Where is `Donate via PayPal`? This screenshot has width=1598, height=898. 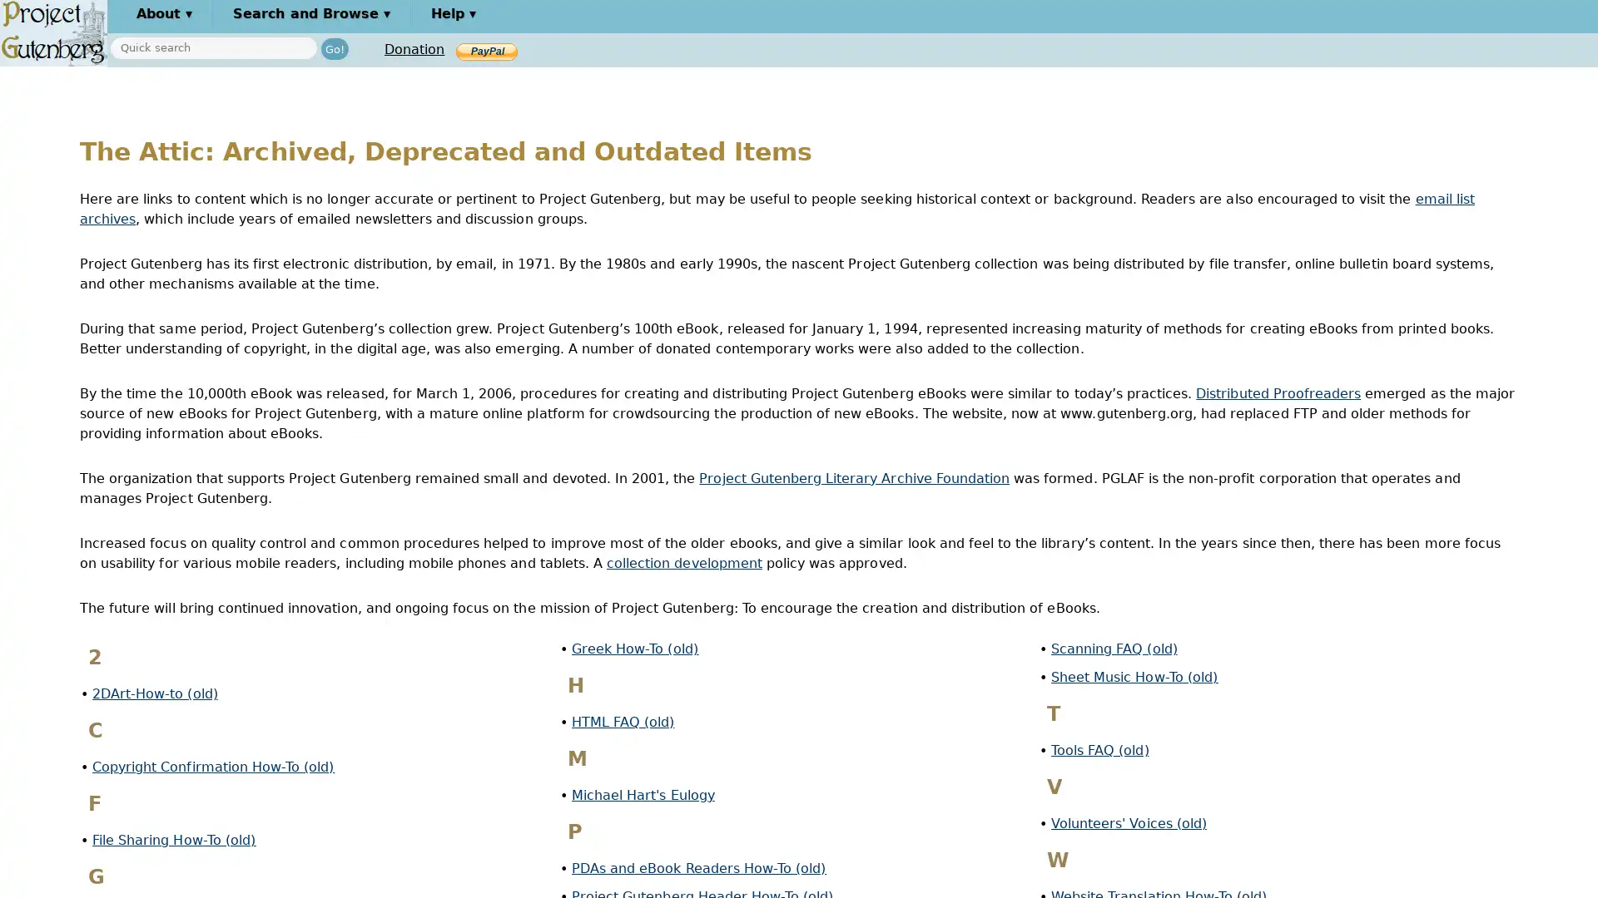
Donate via PayPal is located at coordinates (486, 50).